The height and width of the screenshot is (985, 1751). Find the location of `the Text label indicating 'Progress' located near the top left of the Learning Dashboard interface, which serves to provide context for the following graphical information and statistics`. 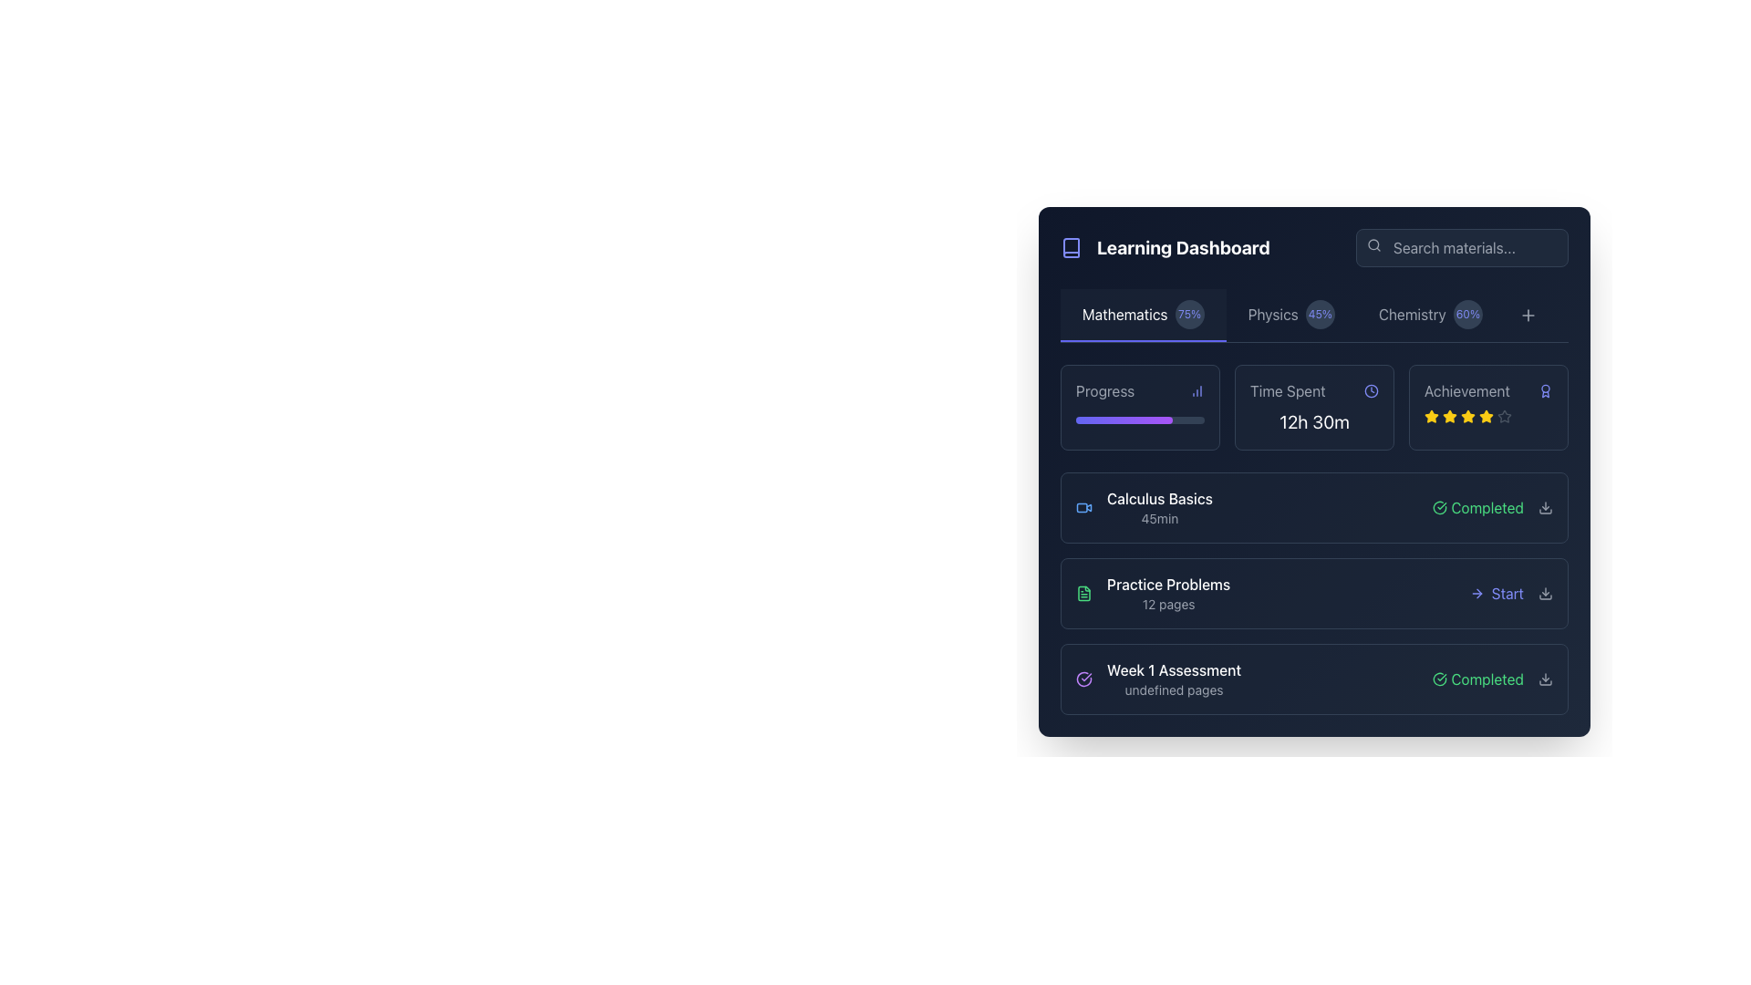

the Text label indicating 'Progress' located near the top left of the Learning Dashboard interface, which serves to provide context for the following graphical information and statistics is located at coordinates (1104, 389).